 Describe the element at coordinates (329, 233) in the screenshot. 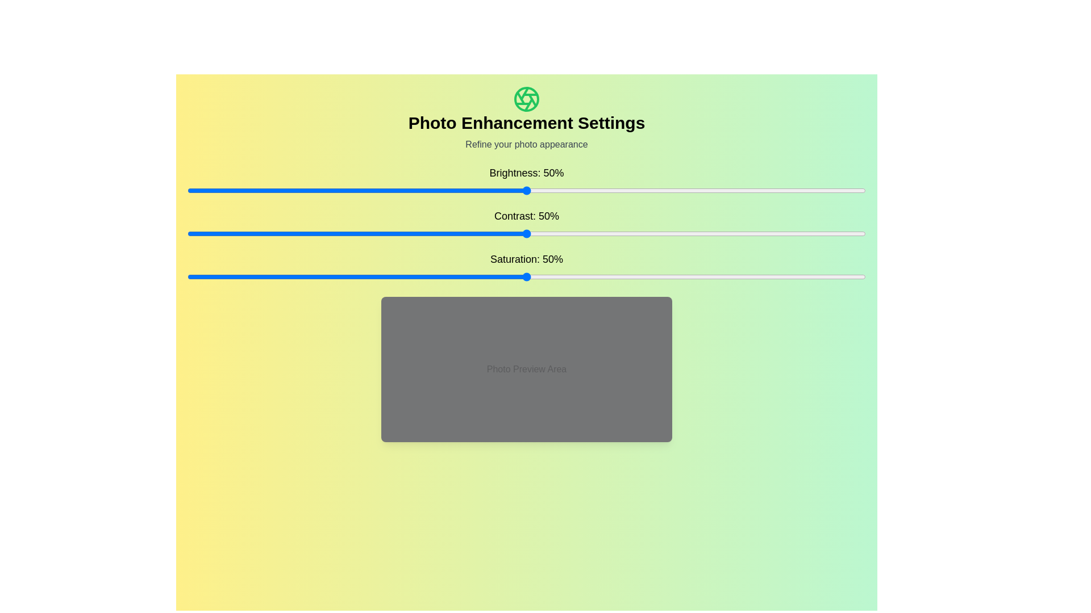

I see `the contrast slider to set the contrast to 21%` at that location.